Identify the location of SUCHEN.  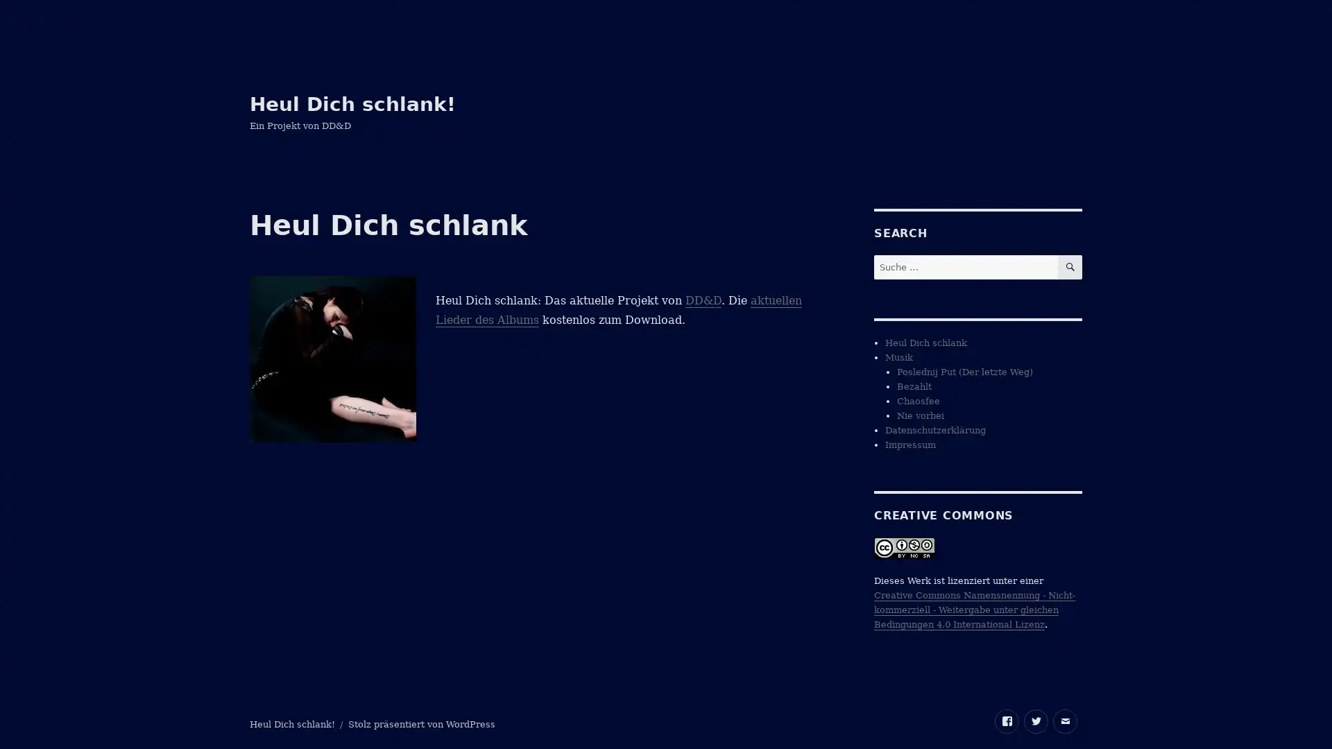
(1069, 267).